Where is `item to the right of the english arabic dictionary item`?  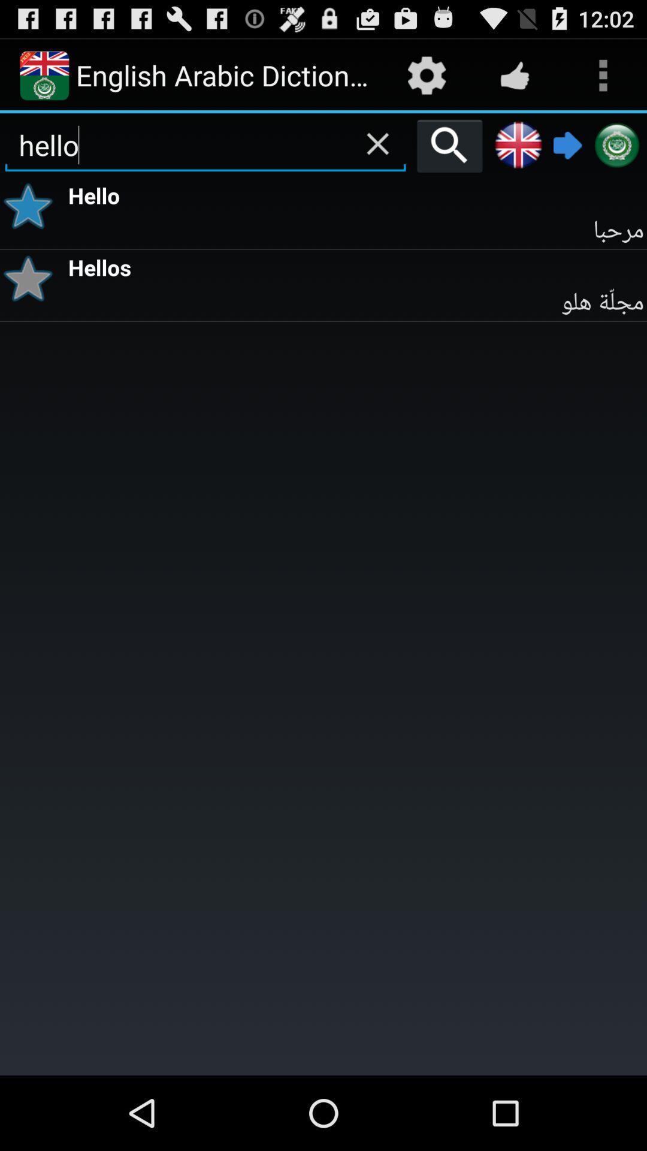 item to the right of the english arabic dictionary item is located at coordinates (426, 74).